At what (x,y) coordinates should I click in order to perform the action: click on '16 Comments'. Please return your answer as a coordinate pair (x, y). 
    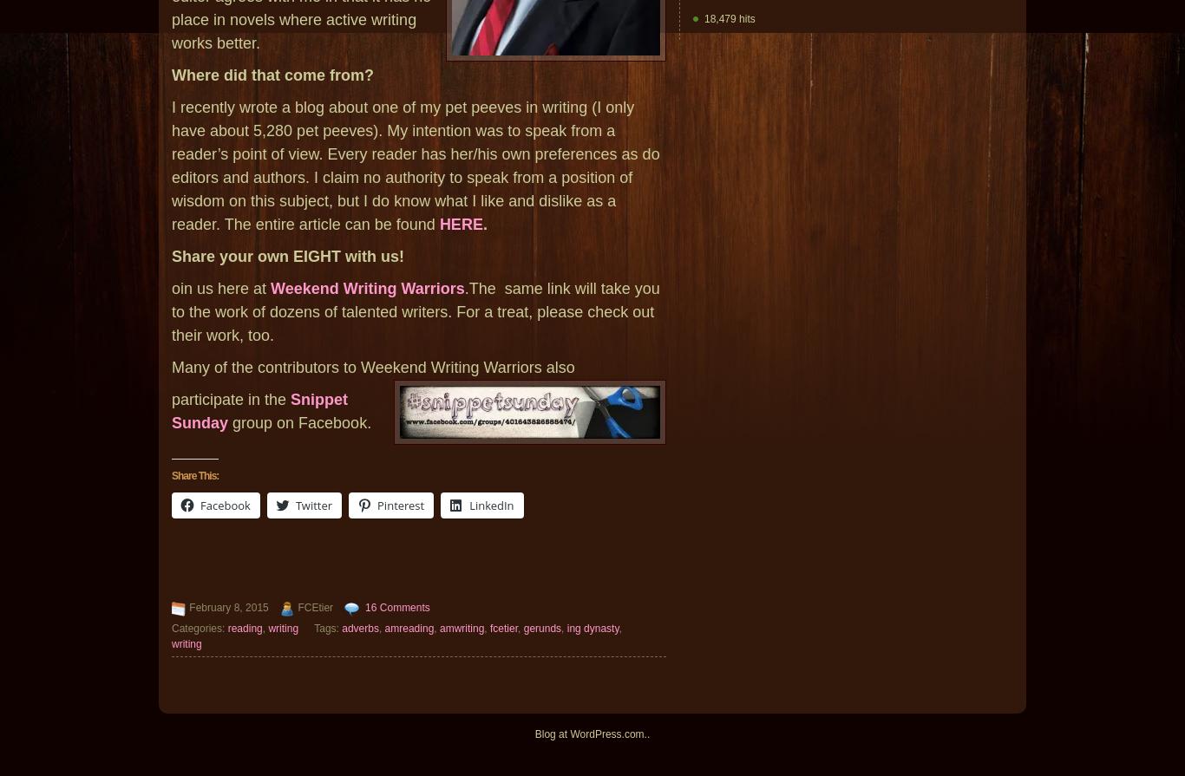
    Looking at the image, I should click on (397, 606).